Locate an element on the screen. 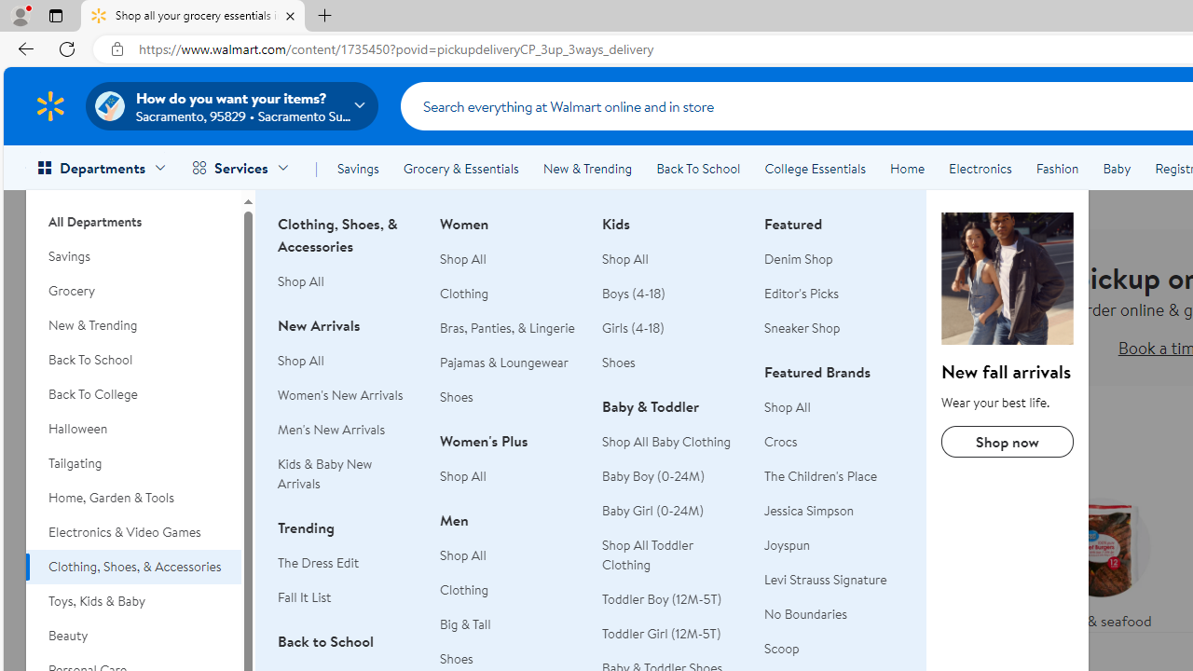 Image resolution: width=1193 pixels, height=671 pixels. 'Shop All Baby Clothing' is located at coordinates (666, 441).